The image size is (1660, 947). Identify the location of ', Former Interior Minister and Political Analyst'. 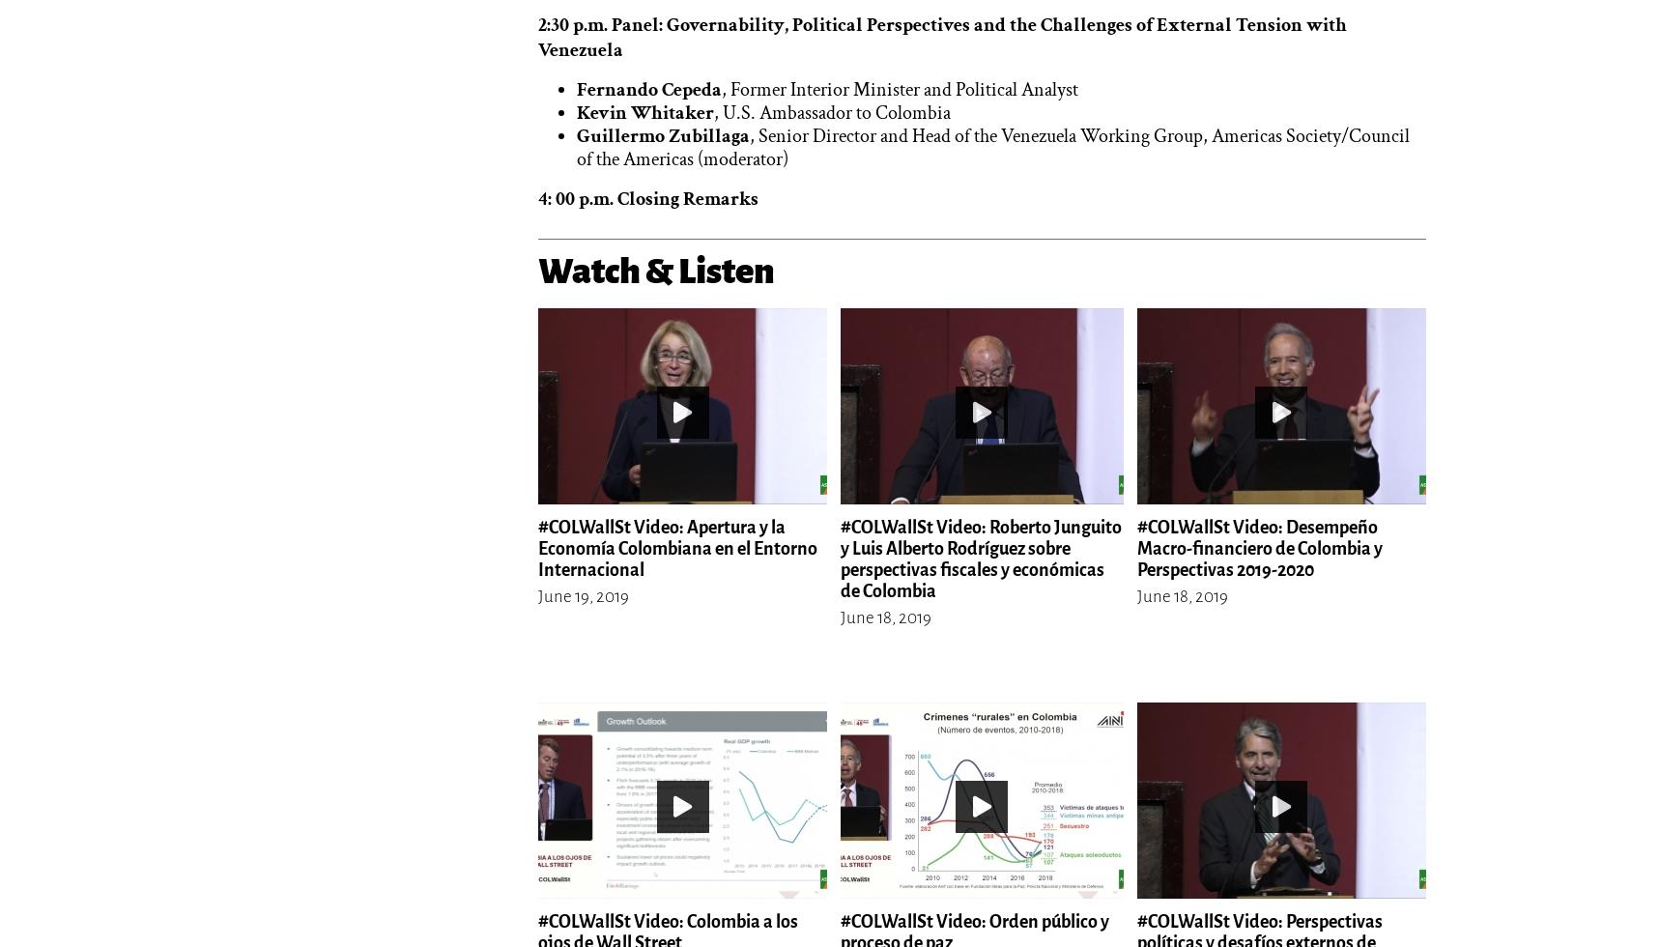
(899, 89).